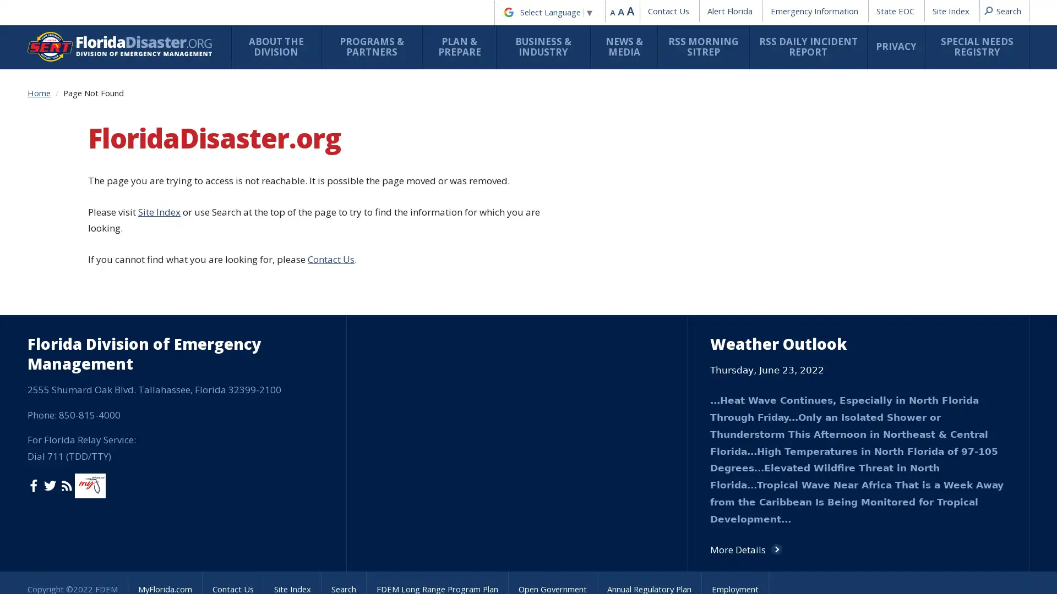 This screenshot has height=594, width=1057. Describe the element at coordinates (441, 519) in the screenshot. I see `Toggle More` at that location.